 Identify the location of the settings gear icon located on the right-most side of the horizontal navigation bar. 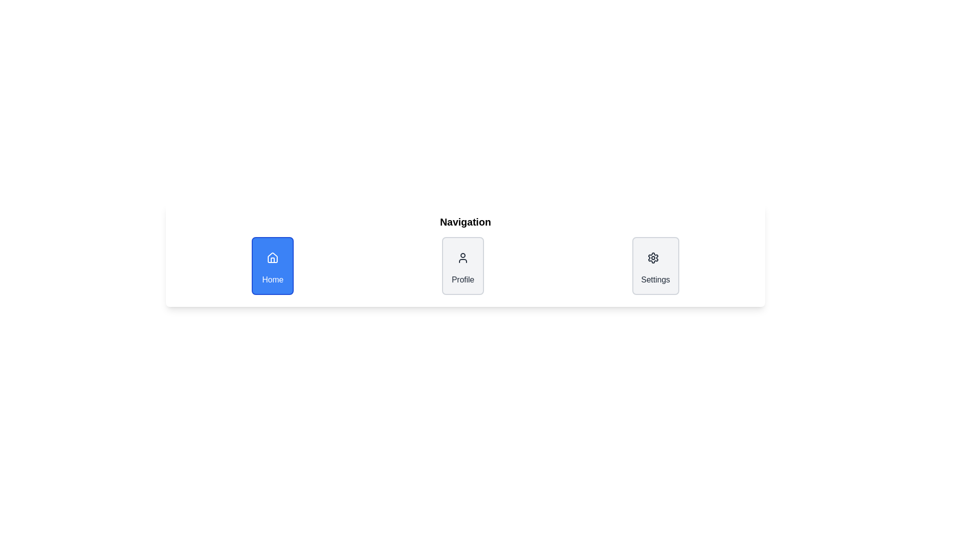
(653, 257).